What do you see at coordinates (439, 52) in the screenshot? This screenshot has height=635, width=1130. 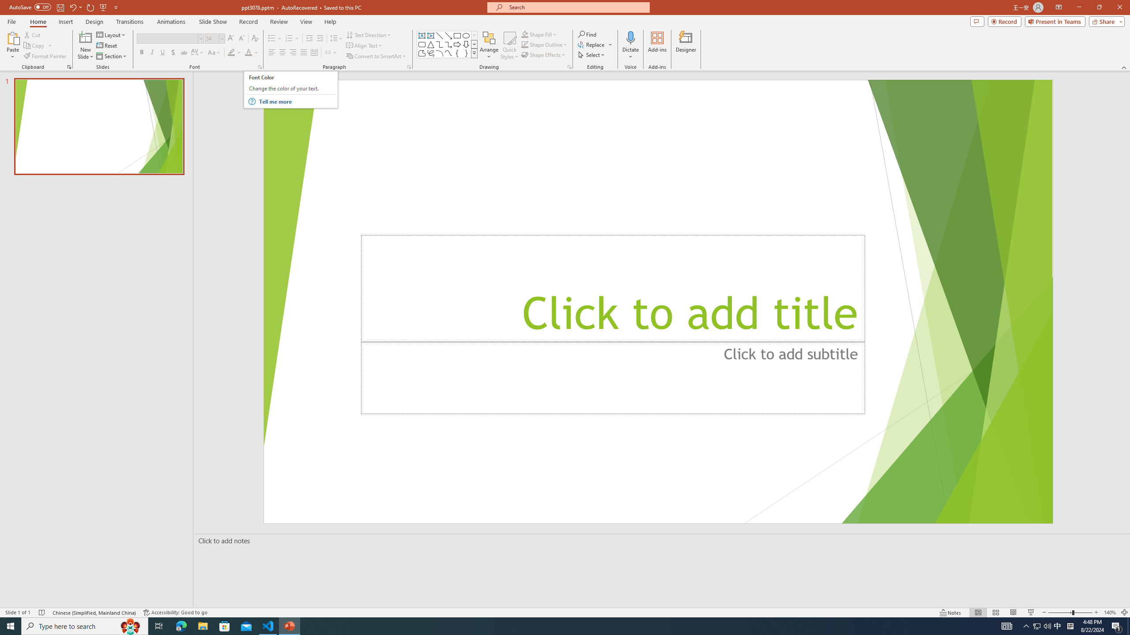 I see `'Arc'` at bounding box center [439, 52].